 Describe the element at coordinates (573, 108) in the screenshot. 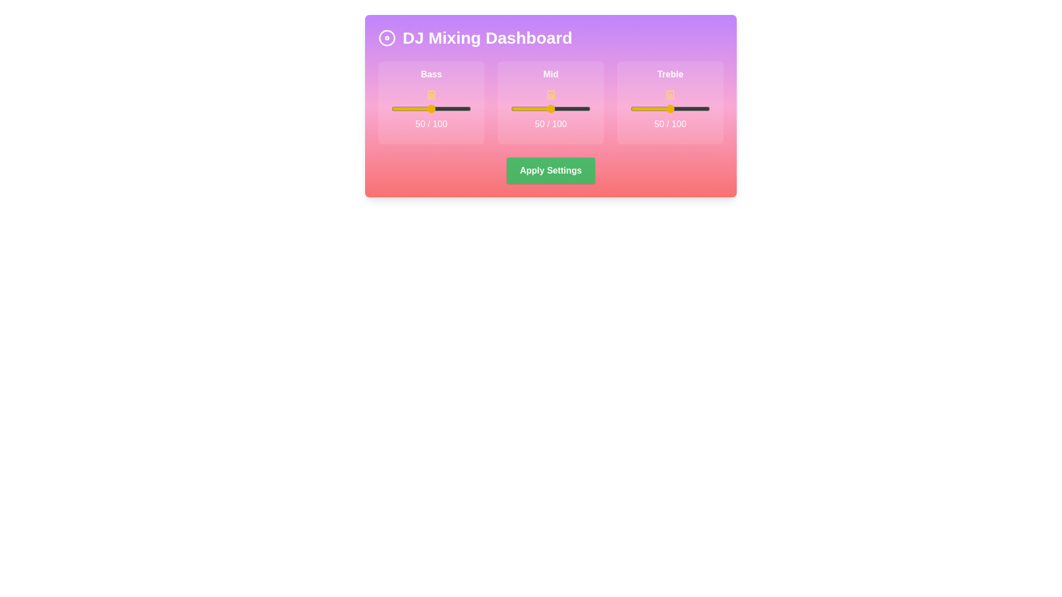

I see `the mid slider to set its value to 78` at that location.